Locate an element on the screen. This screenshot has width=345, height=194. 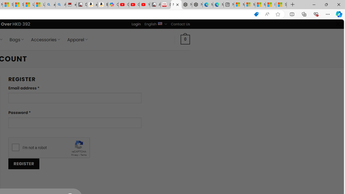
'YouTube Kids - An App Created for Kids to Explore Content' is located at coordinates (144, 5).